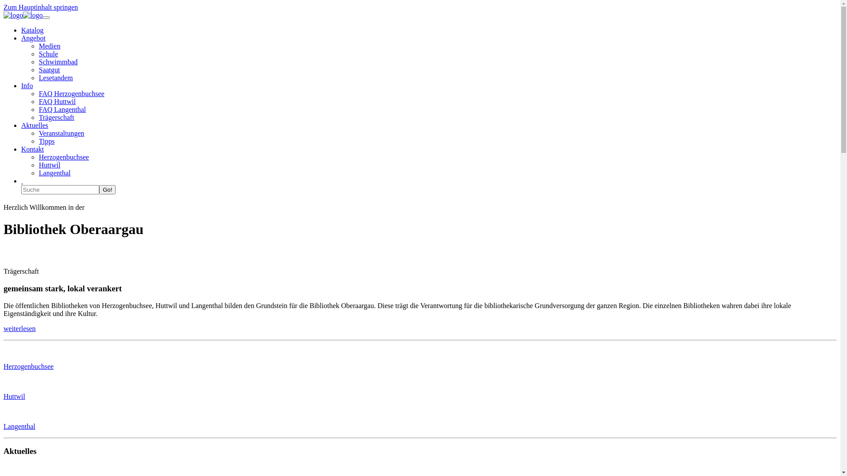 This screenshot has height=476, width=847. What do you see at coordinates (32, 30) in the screenshot?
I see `'Katalog'` at bounding box center [32, 30].